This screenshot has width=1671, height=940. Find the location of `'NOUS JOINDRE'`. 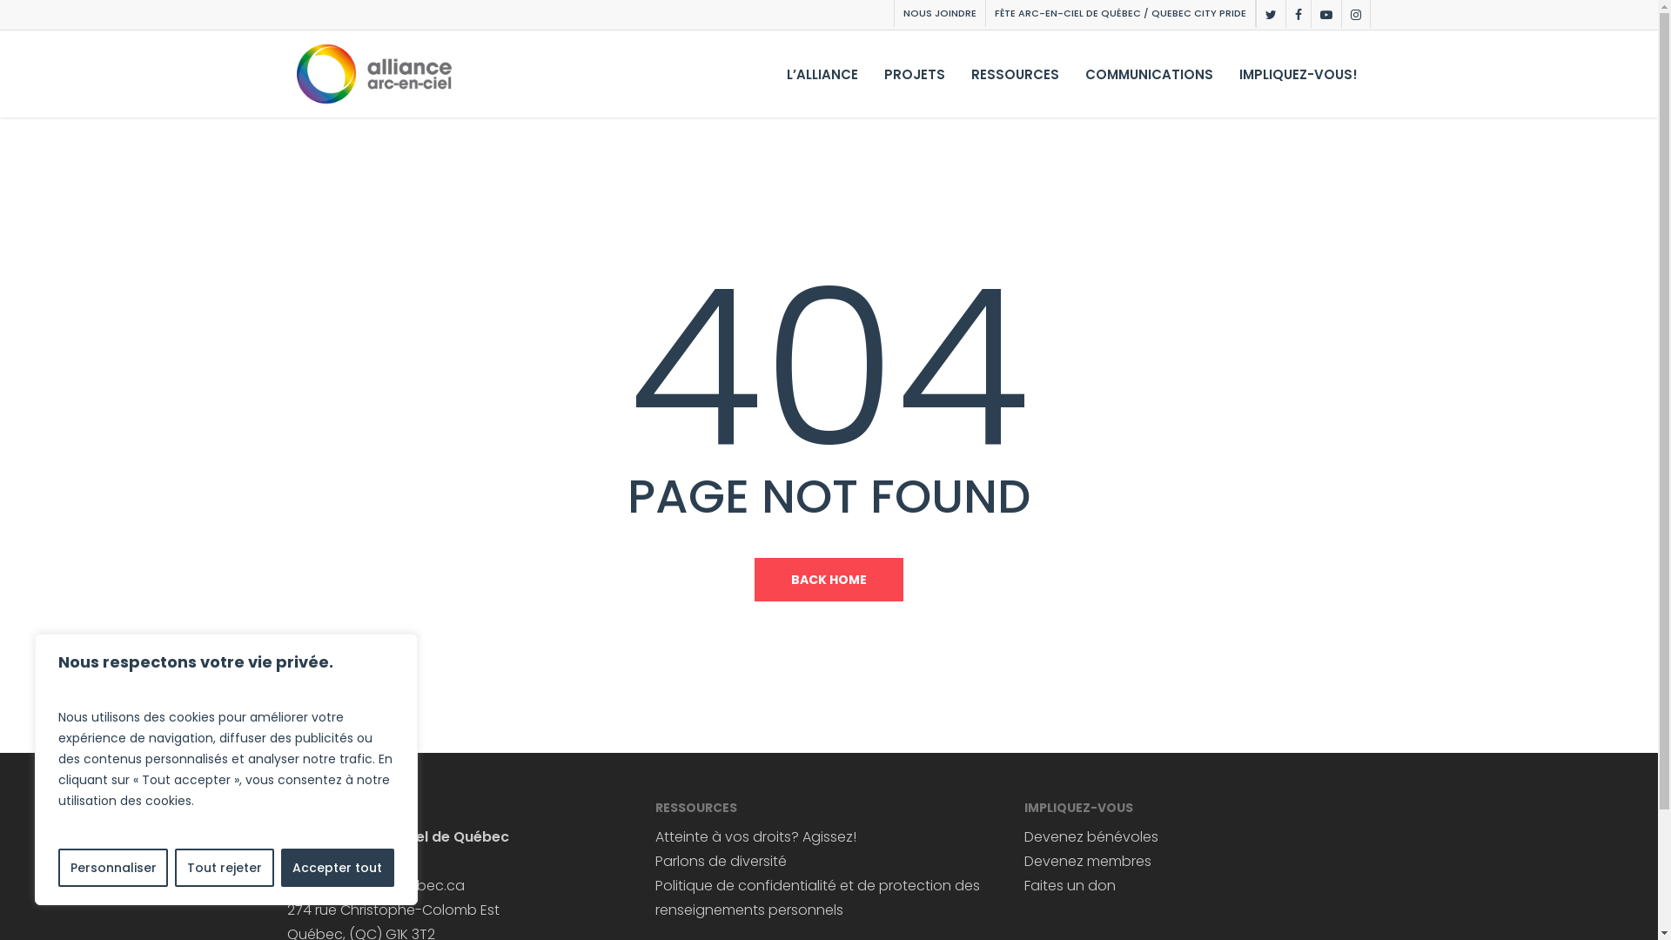

'NOUS JOINDRE' is located at coordinates (938, 13).